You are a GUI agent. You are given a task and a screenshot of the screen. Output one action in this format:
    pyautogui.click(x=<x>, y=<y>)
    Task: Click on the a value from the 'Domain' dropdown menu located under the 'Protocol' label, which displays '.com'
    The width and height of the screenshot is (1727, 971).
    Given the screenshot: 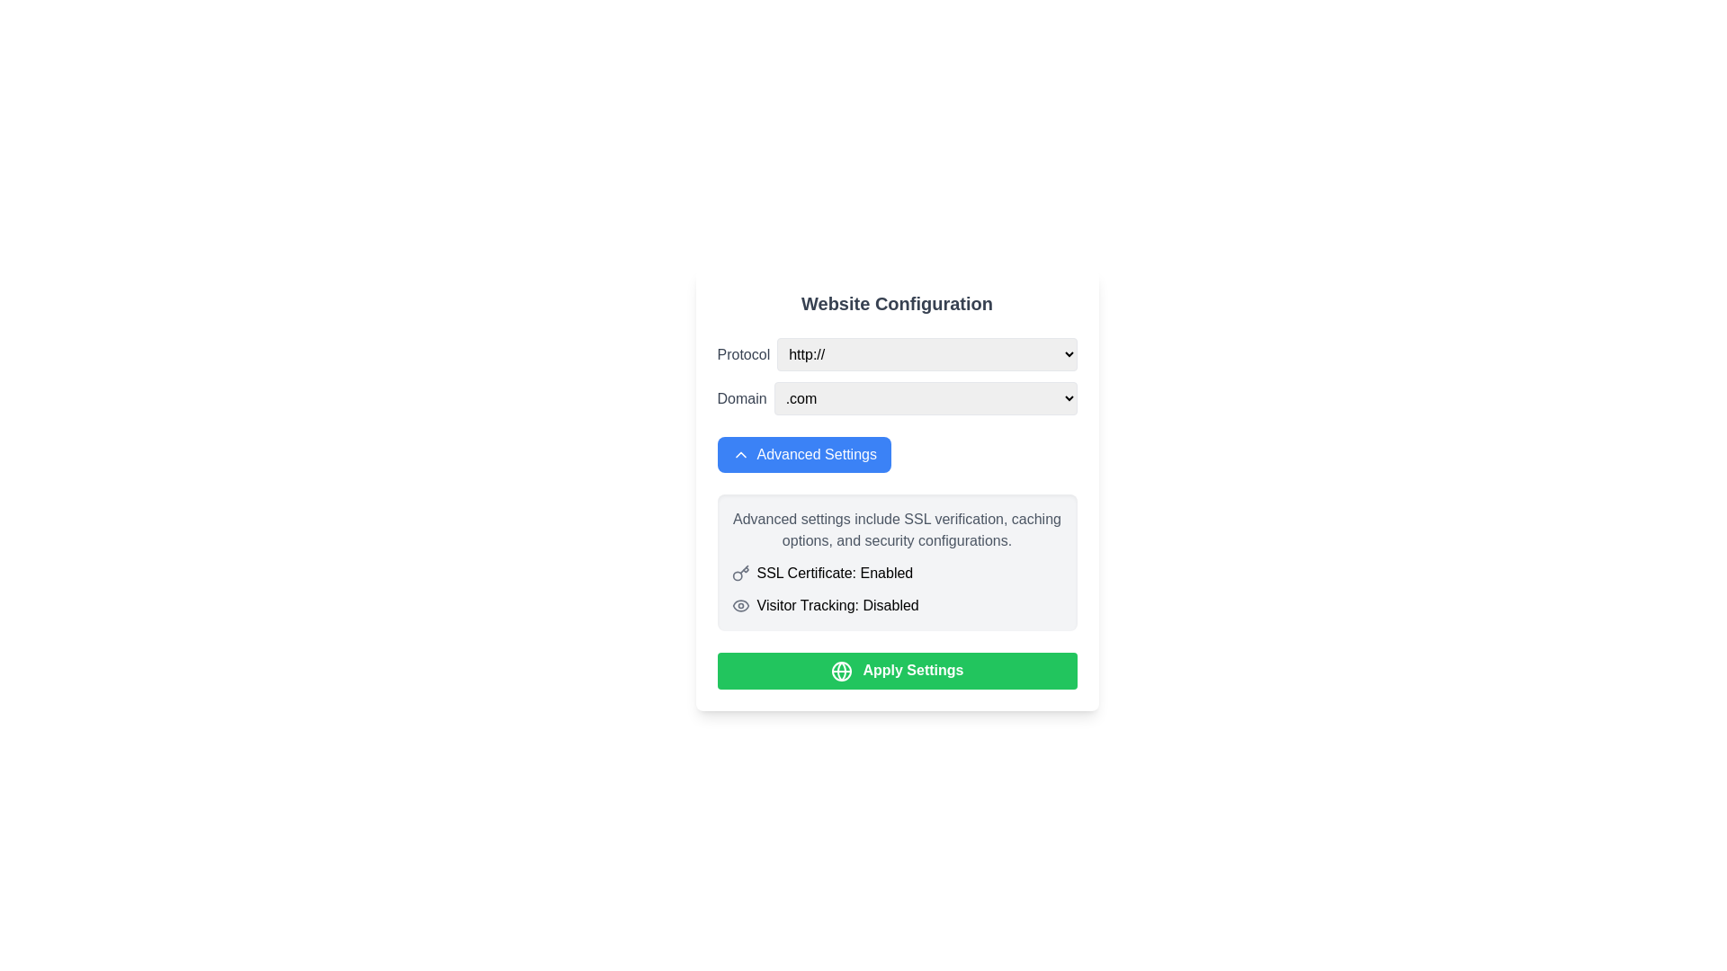 What is the action you would take?
    pyautogui.click(x=897, y=397)
    